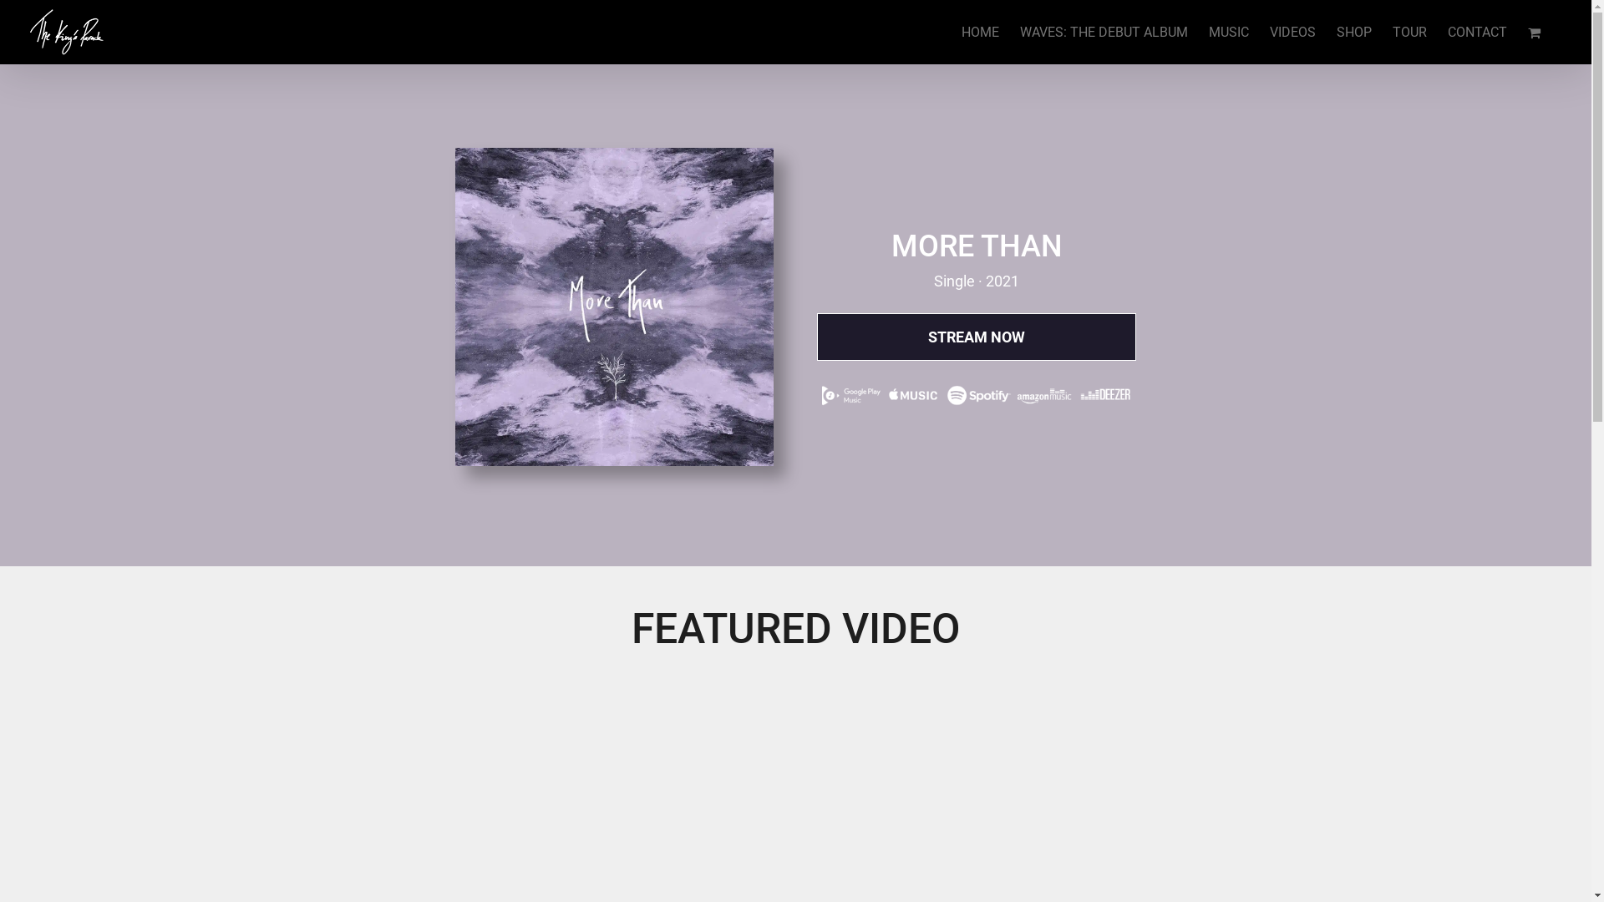 Image resolution: width=1604 pixels, height=902 pixels. What do you see at coordinates (976, 387) in the screenshot?
I see `'TKP DSP Lockup'` at bounding box center [976, 387].